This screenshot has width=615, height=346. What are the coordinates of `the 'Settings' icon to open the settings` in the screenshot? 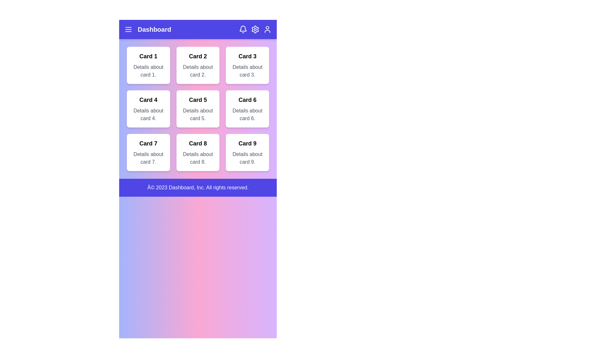 It's located at (255, 29).